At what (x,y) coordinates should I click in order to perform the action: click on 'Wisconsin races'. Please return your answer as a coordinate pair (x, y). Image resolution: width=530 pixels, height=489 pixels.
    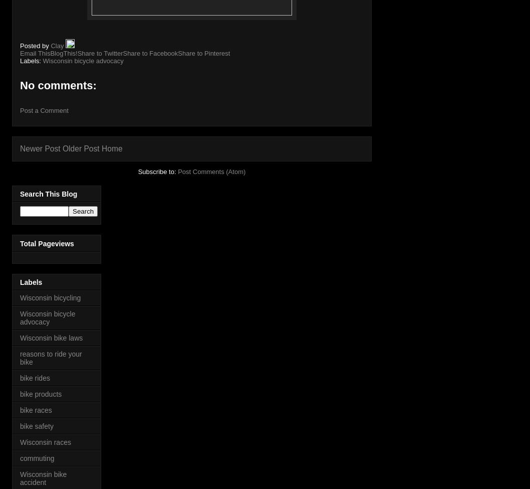
    Looking at the image, I should click on (45, 441).